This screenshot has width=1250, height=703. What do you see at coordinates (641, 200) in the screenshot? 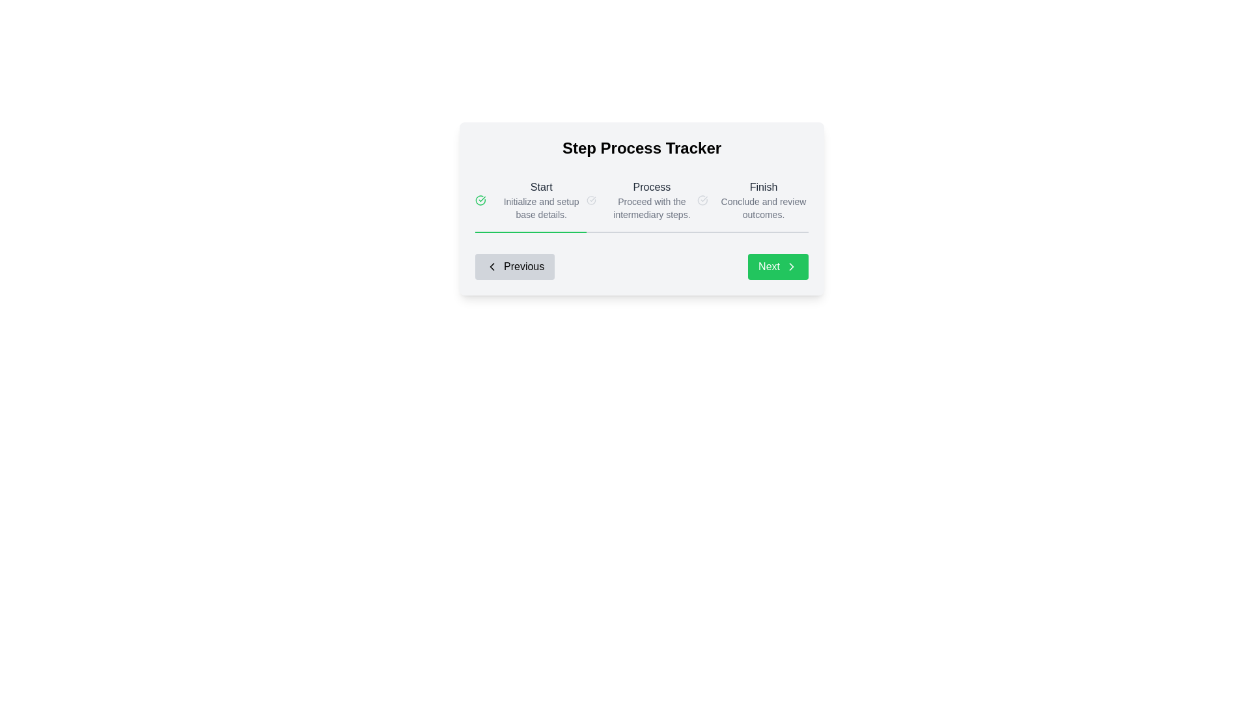
I see `description of the second step in the process tracker, which provides a visual cue and context regarding this intermediary step` at bounding box center [641, 200].